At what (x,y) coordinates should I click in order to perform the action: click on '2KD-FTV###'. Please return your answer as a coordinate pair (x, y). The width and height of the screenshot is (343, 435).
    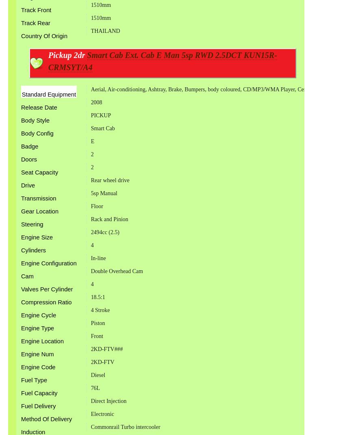
    Looking at the image, I should click on (106, 349).